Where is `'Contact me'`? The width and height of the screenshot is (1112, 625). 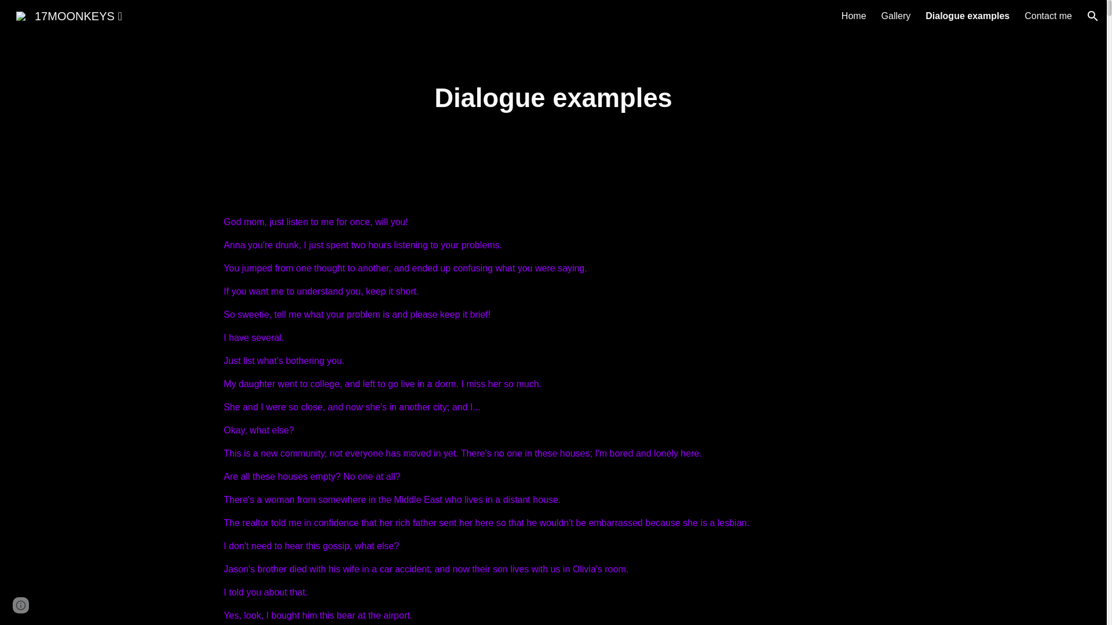 'Contact me' is located at coordinates (1048, 16).